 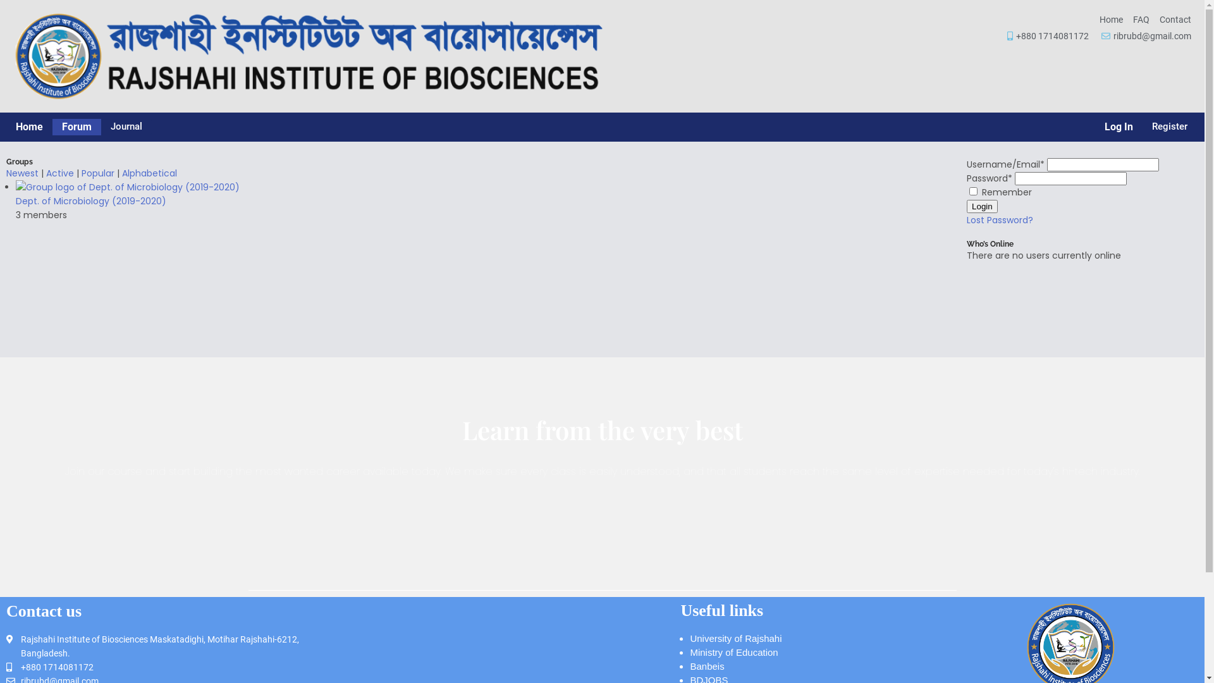 What do you see at coordinates (59, 173) in the screenshot?
I see `'Active'` at bounding box center [59, 173].